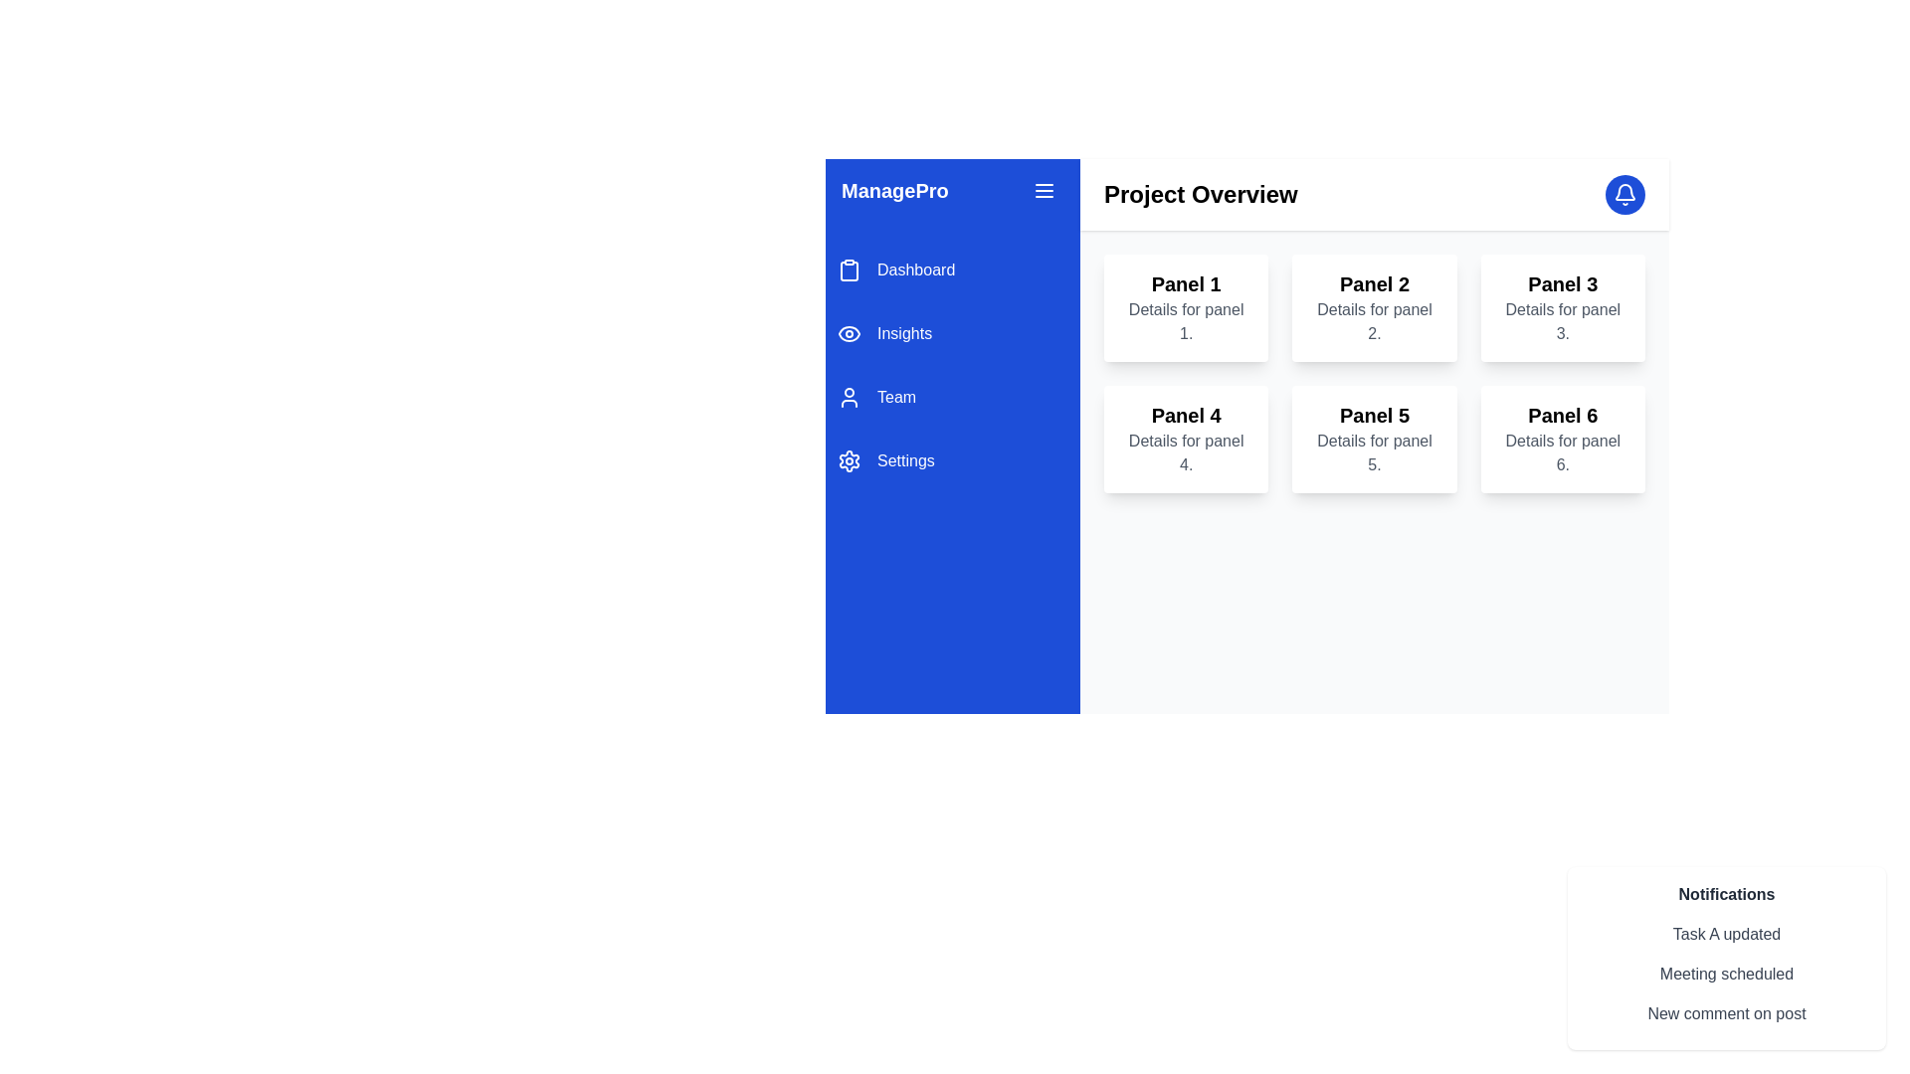 Image resolution: width=1910 pixels, height=1074 pixels. Describe the element at coordinates (903, 332) in the screenshot. I see `the 'Insights' text label in the vertical navigation menu, which is styled in white on a blue background and located between the 'Dashboard' and 'Team' labels` at that location.